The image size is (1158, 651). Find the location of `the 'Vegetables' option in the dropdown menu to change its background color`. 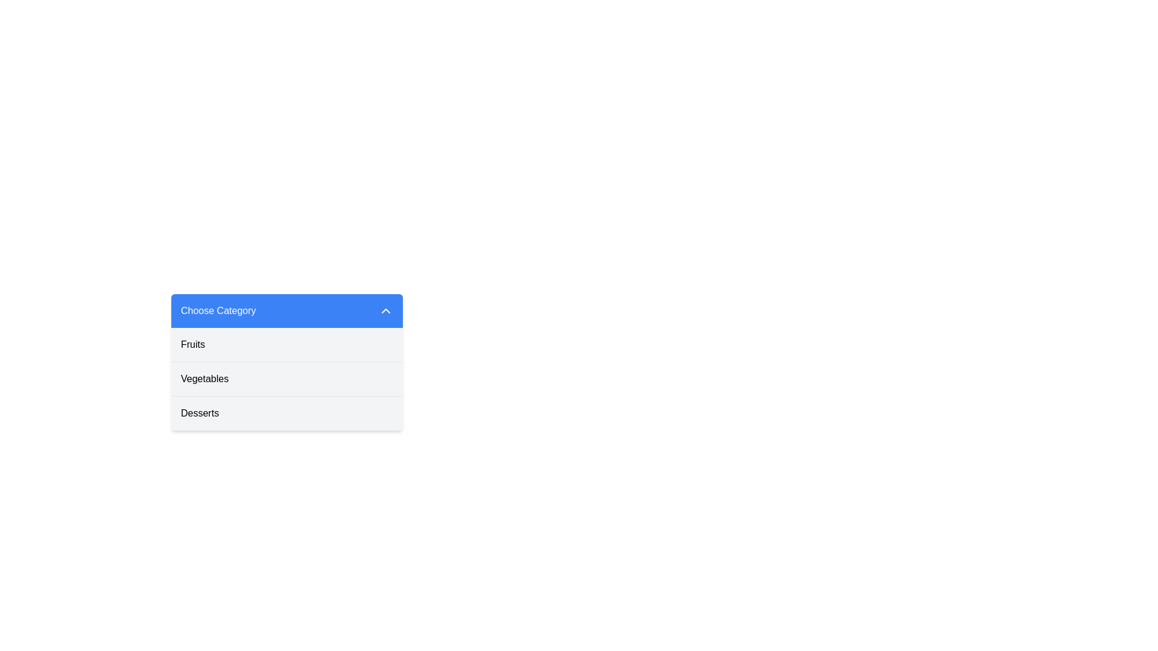

the 'Vegetables' option in the dropdown menu to change its background color is located at coordinates (286, 378).